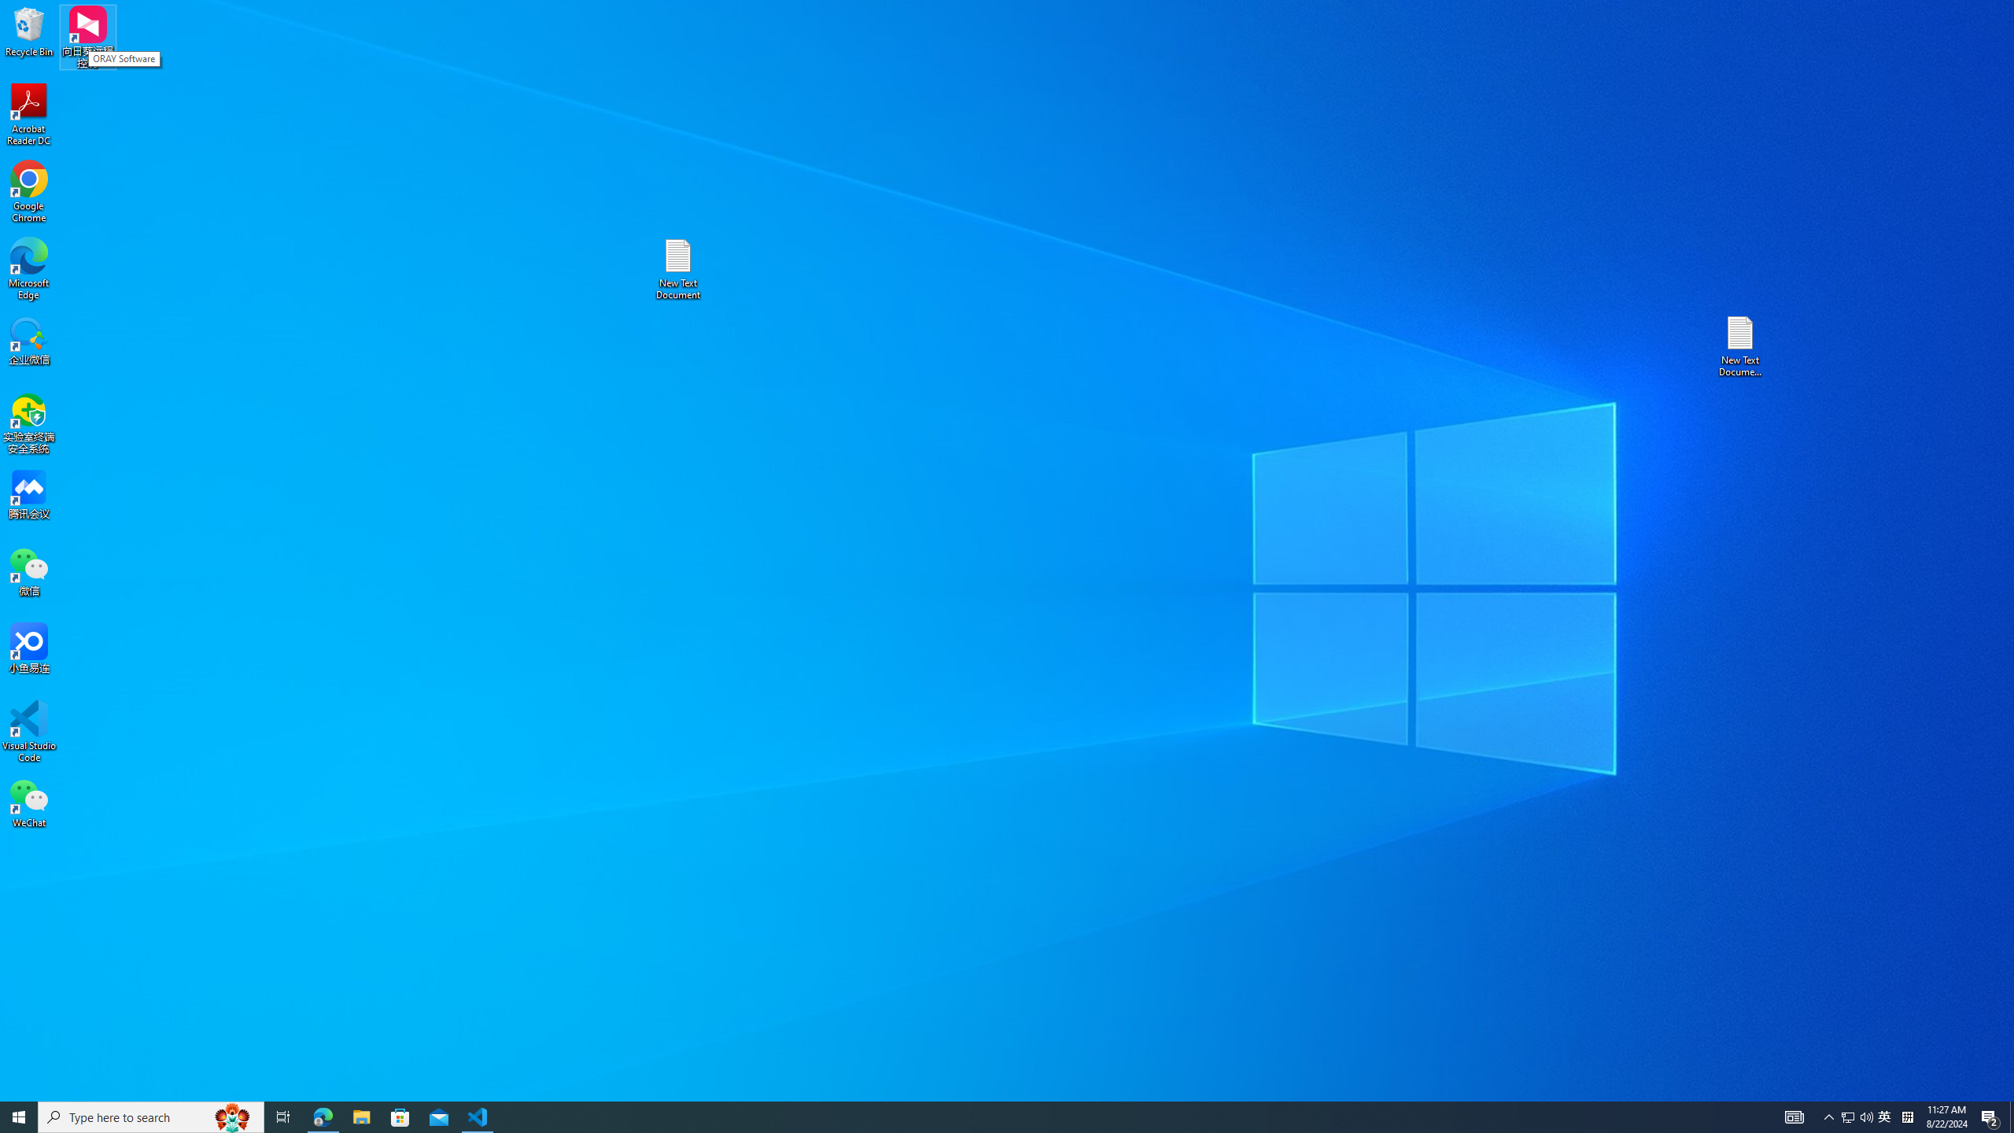 The width and height of the screenshot is (2014, 1133). What do you see at coordinates (322, 1116) in the screenshot?
I see `'Microsoft Store'` at bounding box center [322, 1116].